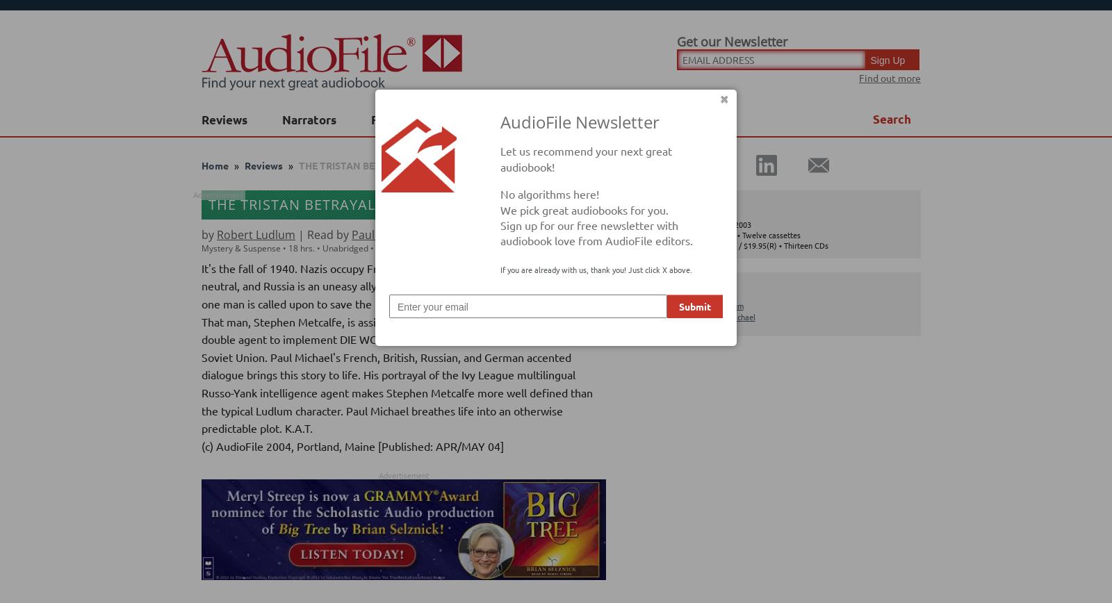  Describe the element at coordinates (394, 247) in the screenshot. I see `'2003'` at that location.